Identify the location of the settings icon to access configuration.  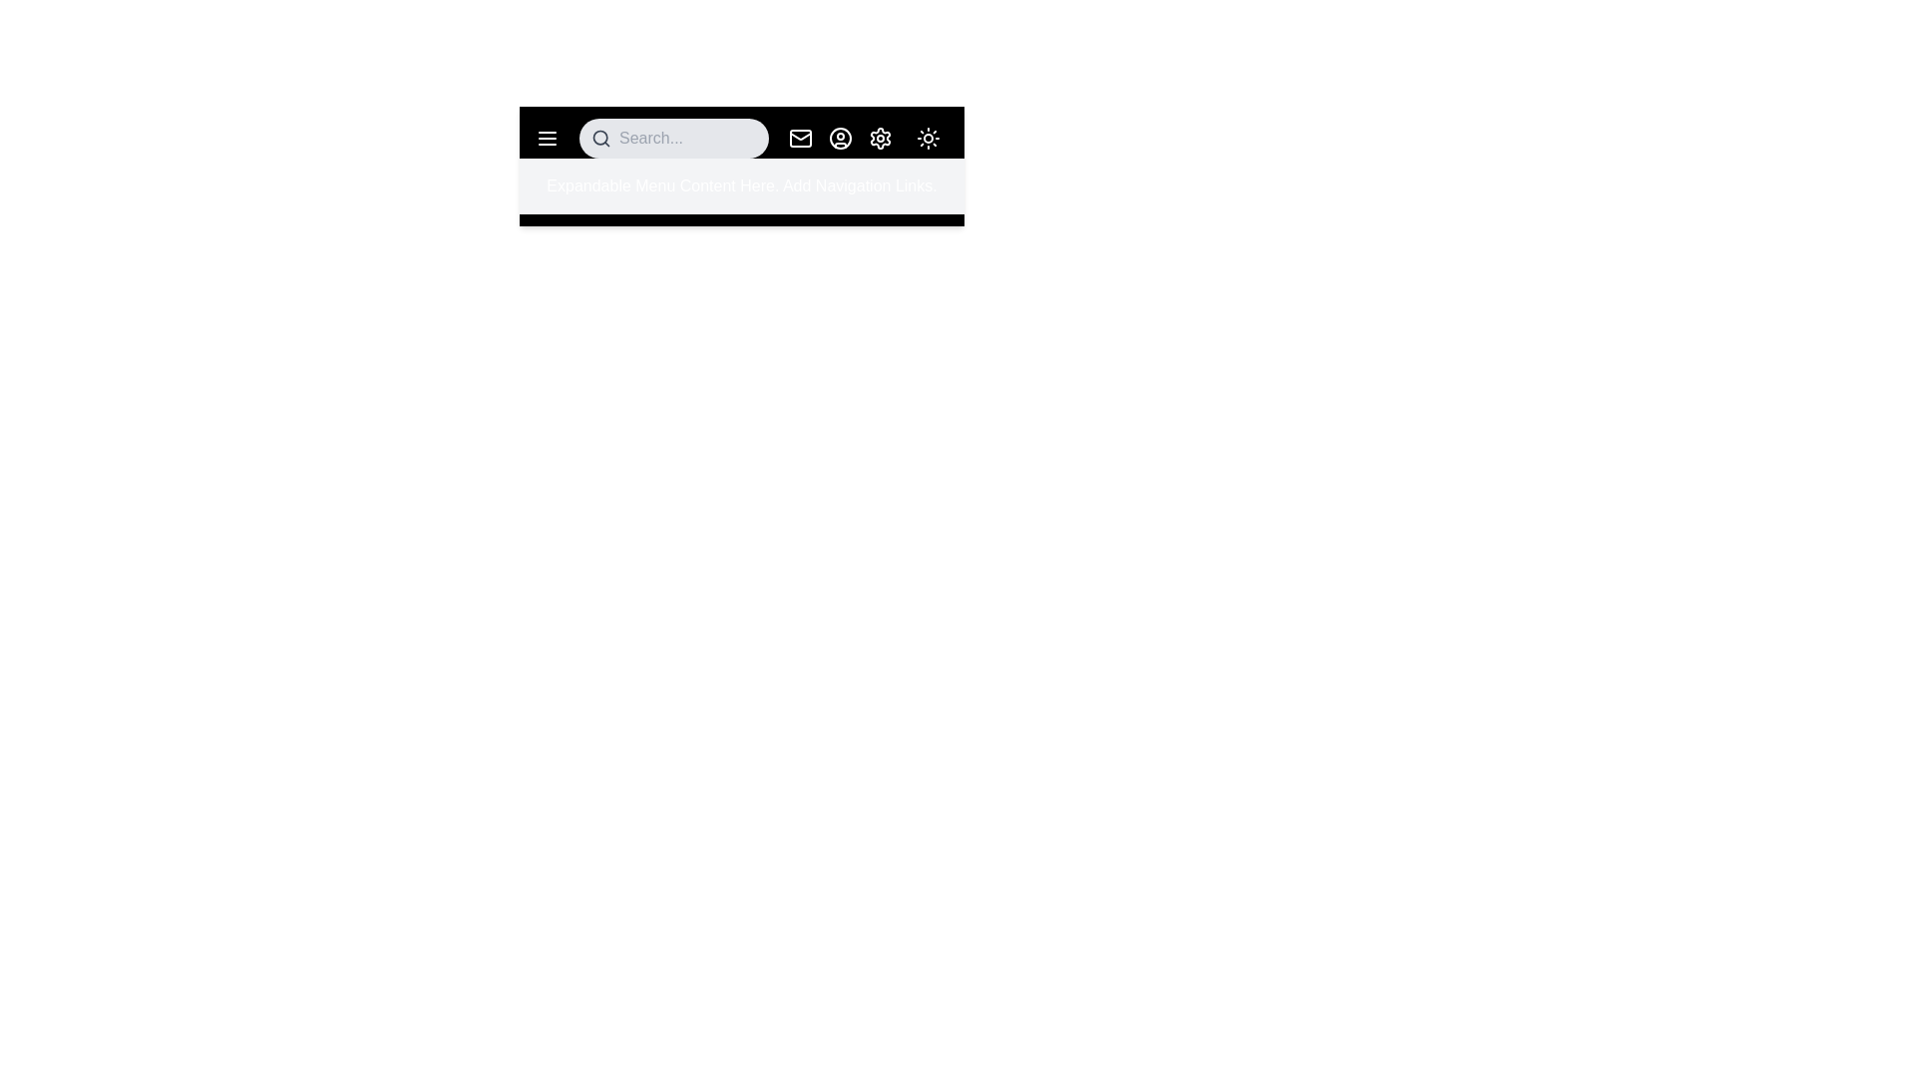
(880, 137).